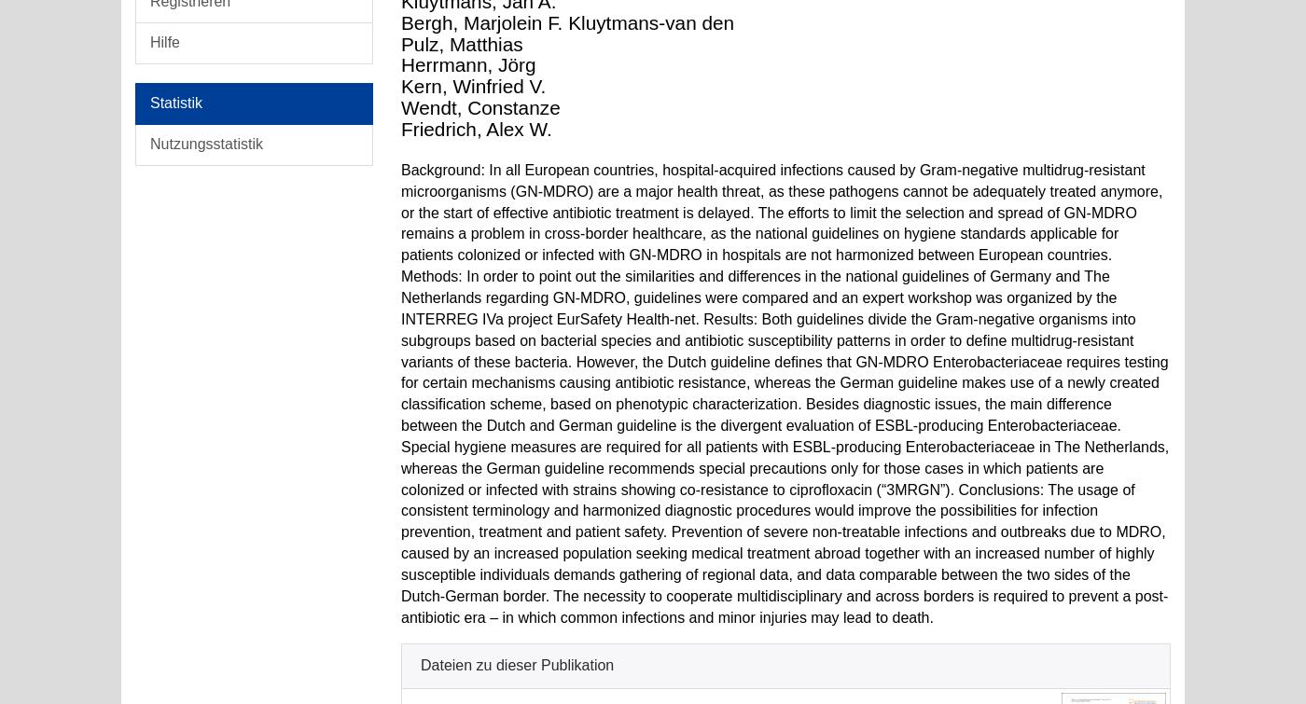 The height and width of the screenshot is (704, 1306). What do you see at coordinates (468, 64) in the screenshot?
I see `'Herrmann, Jörg'` at bounding box center [468, 64].